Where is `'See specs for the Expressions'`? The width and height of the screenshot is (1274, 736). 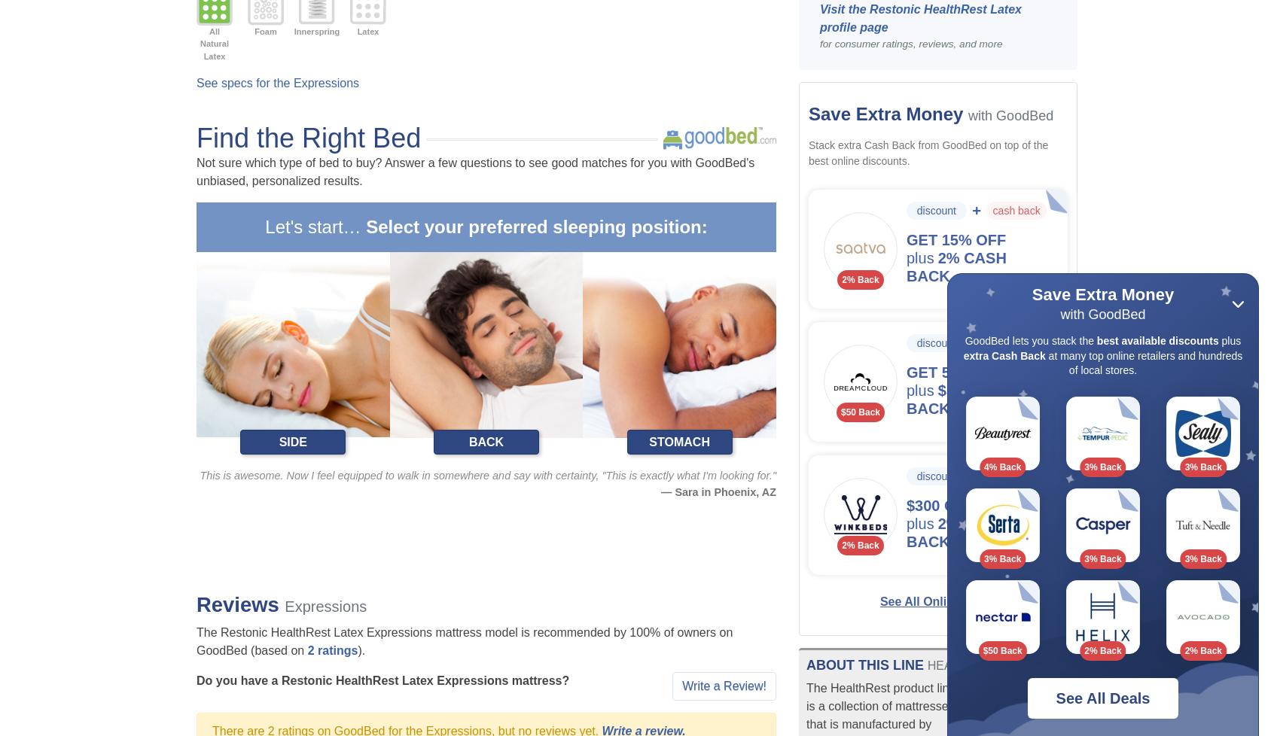 'See specs for the Expressions' is located at coordinates (278, 83).